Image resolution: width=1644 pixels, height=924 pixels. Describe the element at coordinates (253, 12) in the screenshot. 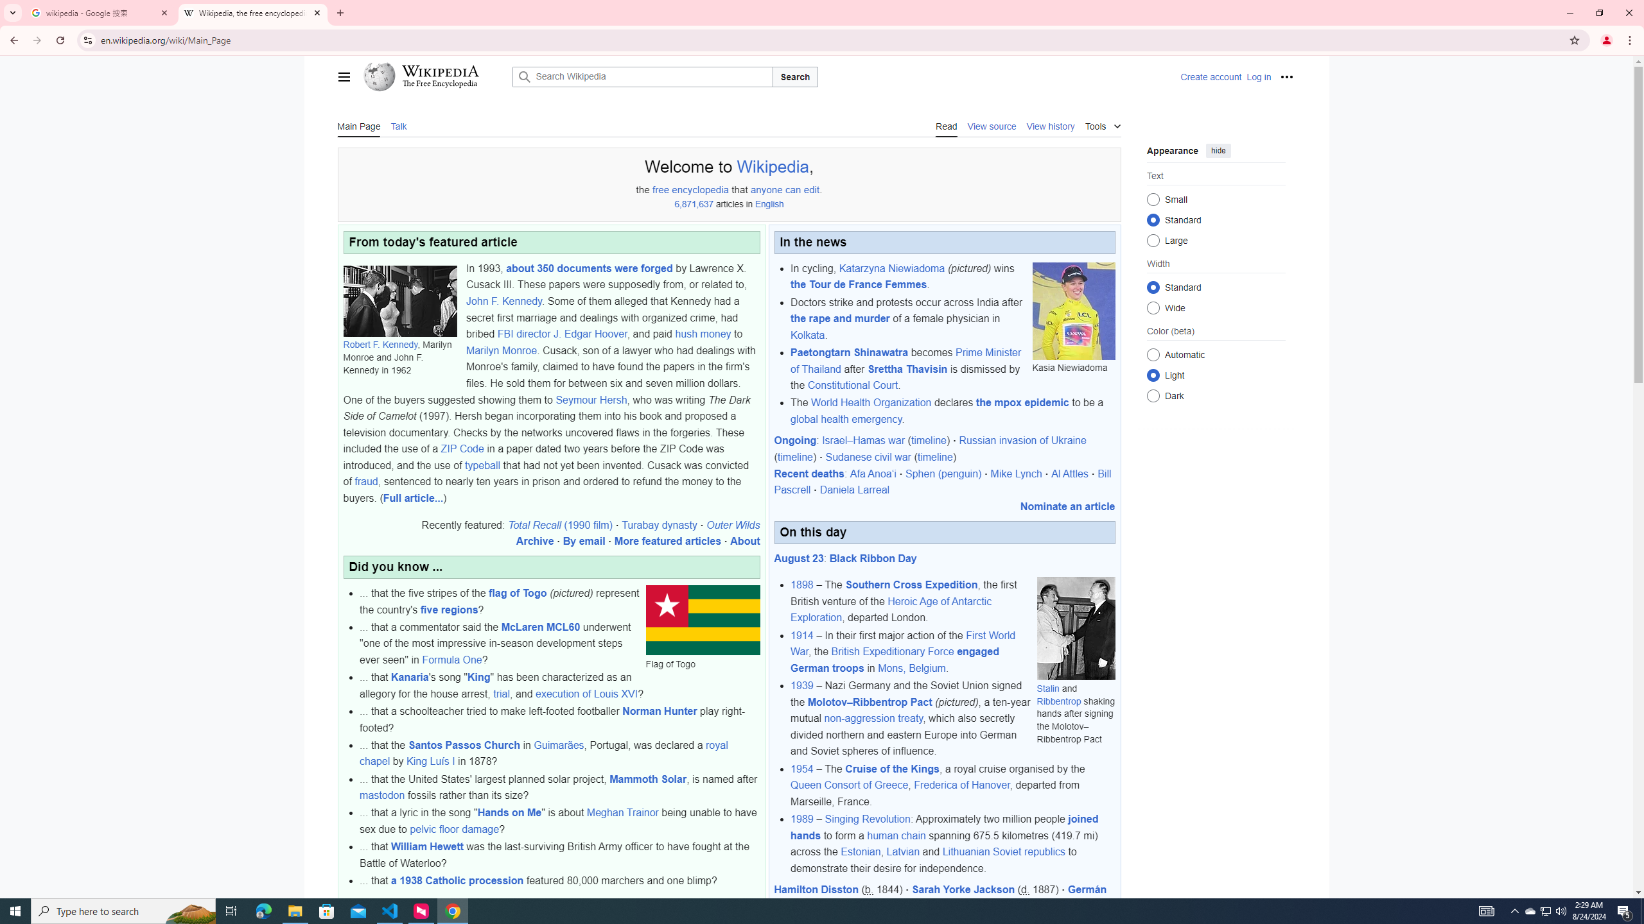

I see `'Wikipedia, the free encyclopedia'` at that location.